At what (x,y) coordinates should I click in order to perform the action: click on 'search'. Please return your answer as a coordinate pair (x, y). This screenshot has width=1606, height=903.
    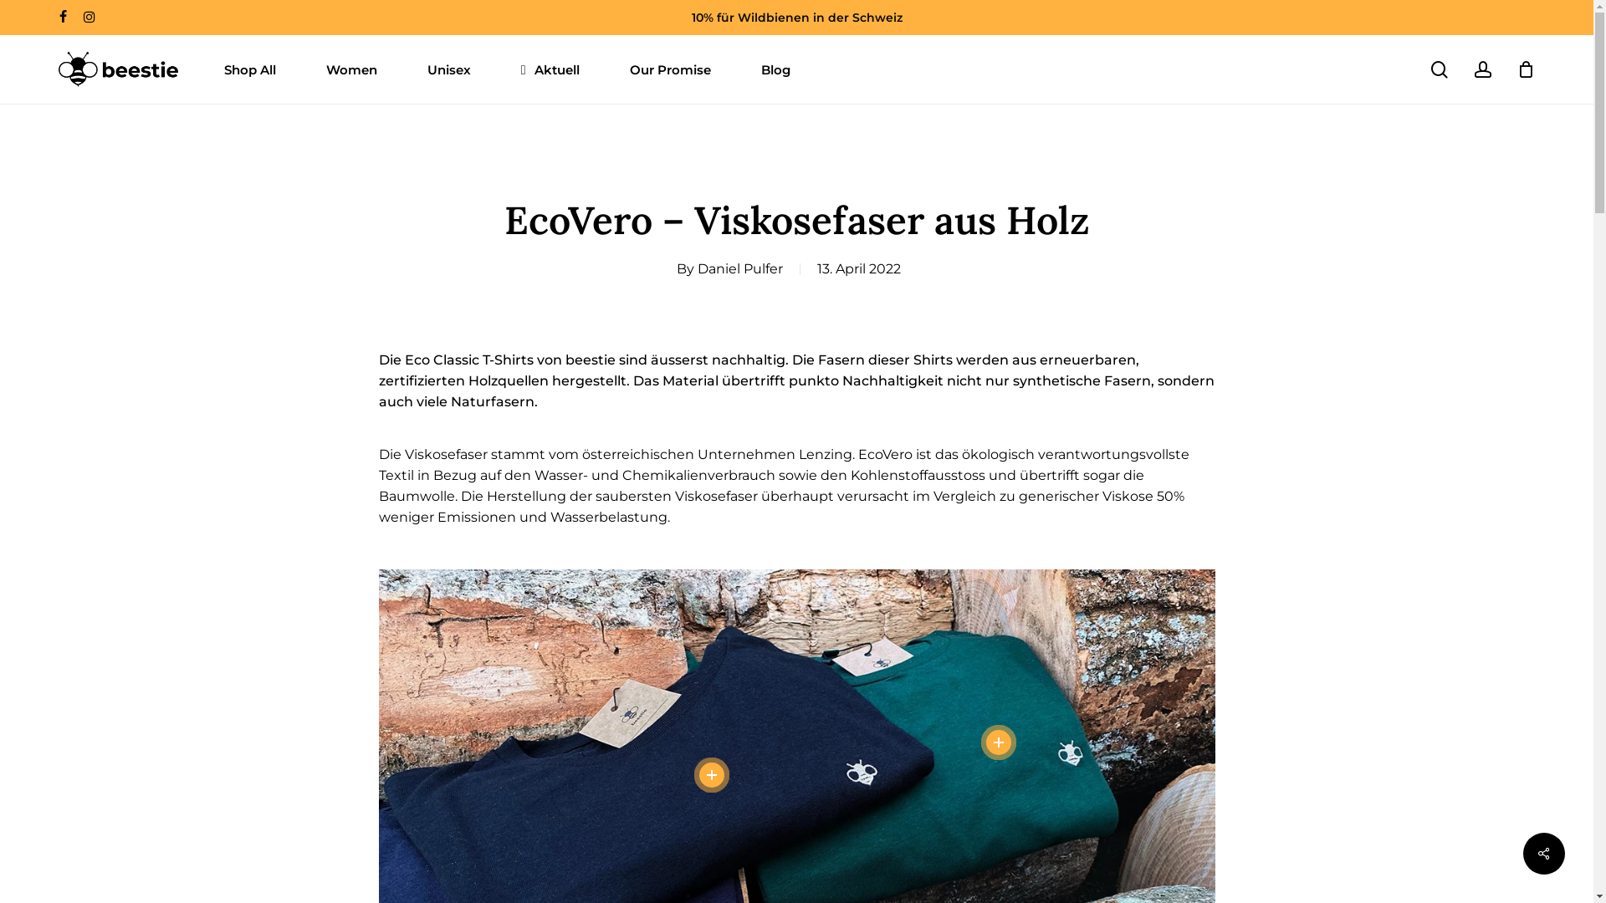
    Looking at the image, I should click on (1439, 68).